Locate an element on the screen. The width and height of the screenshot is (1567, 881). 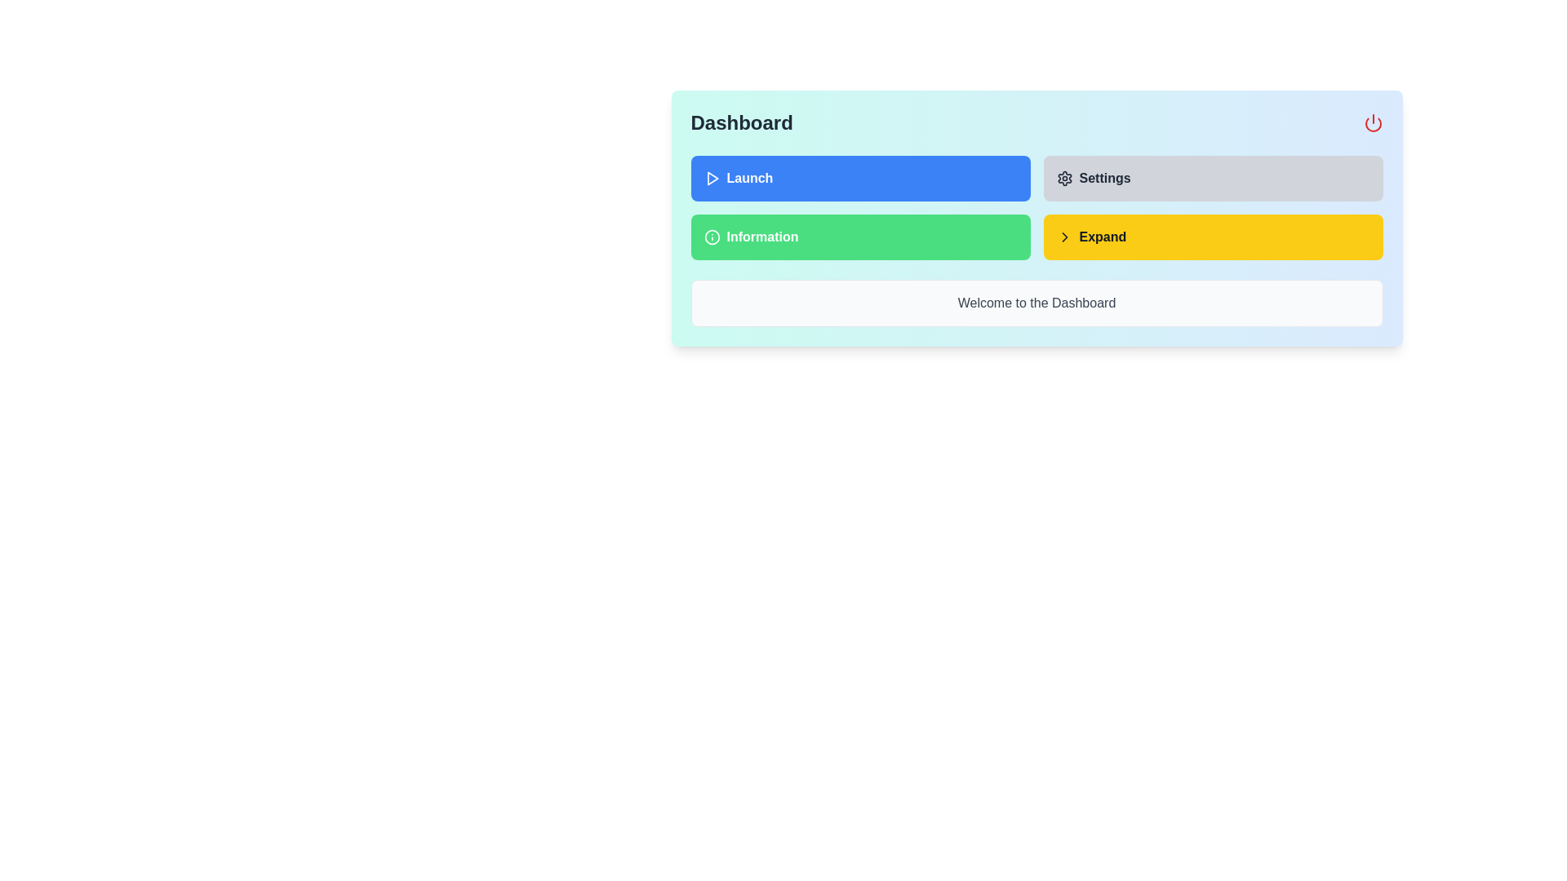
the icon located on the right side of the yellow button labeled 'Expand' is located at coordinates (1064, 237).